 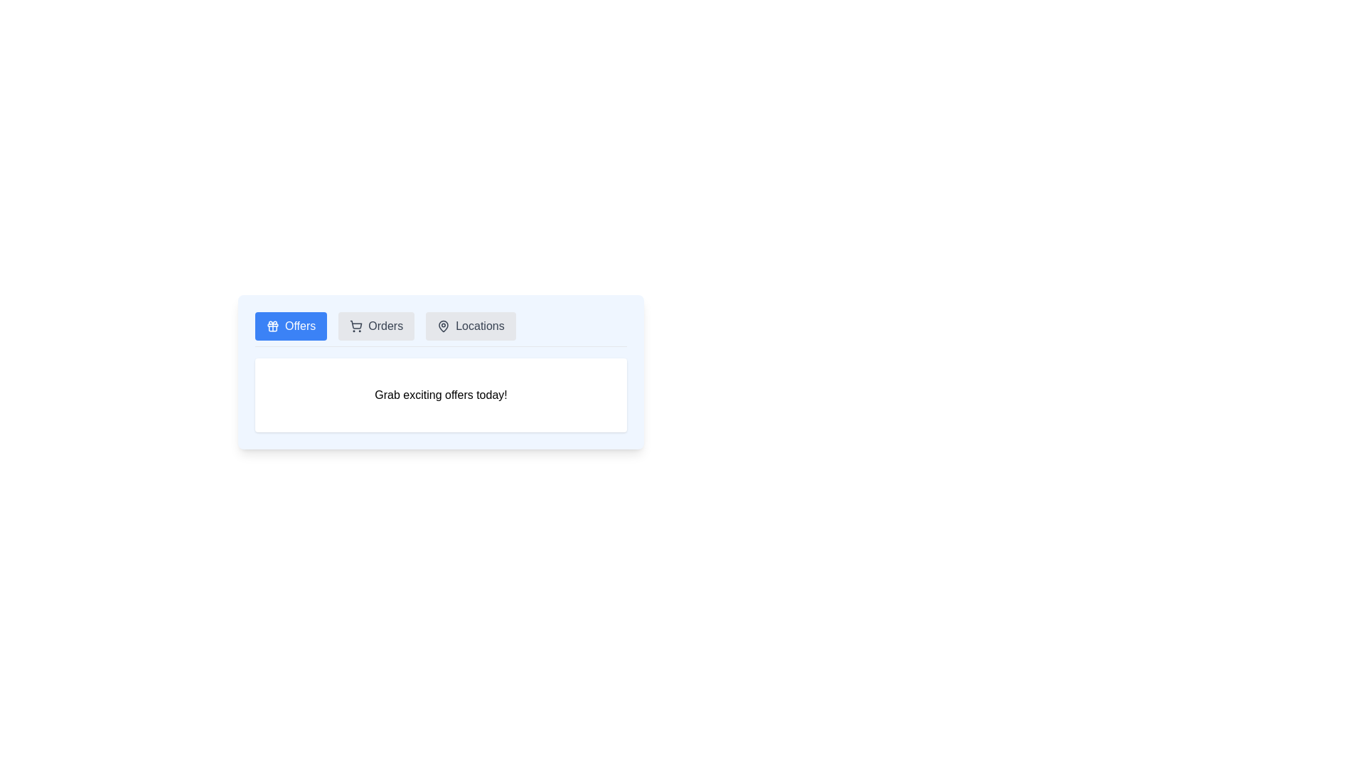 I want to click on the tab labeled Locations, so click(x=471, y=326).